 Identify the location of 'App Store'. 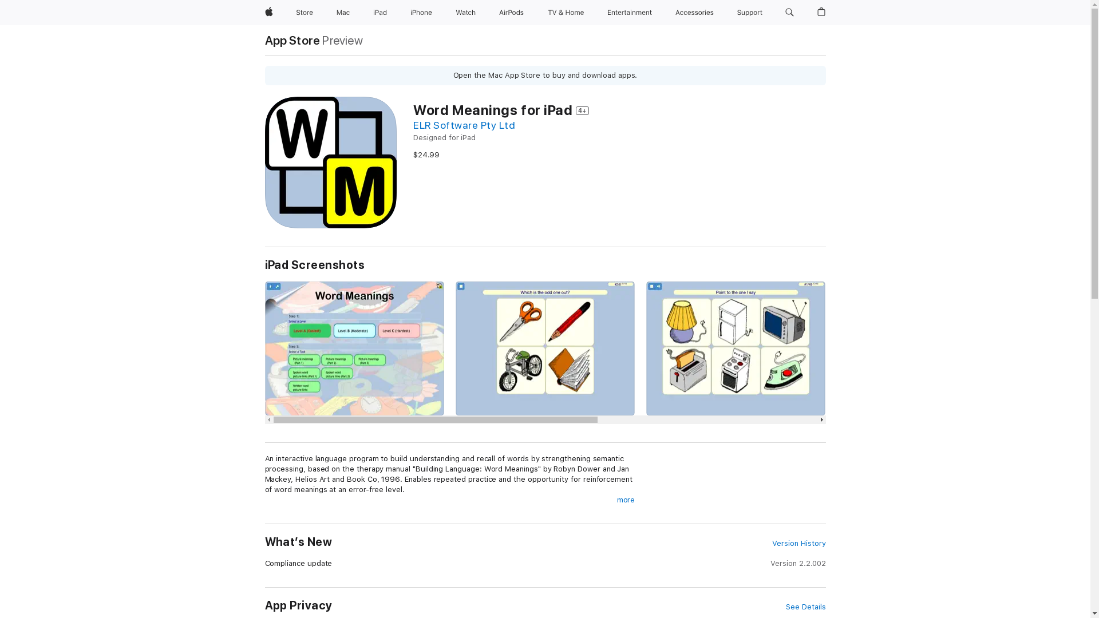
(263, 39).